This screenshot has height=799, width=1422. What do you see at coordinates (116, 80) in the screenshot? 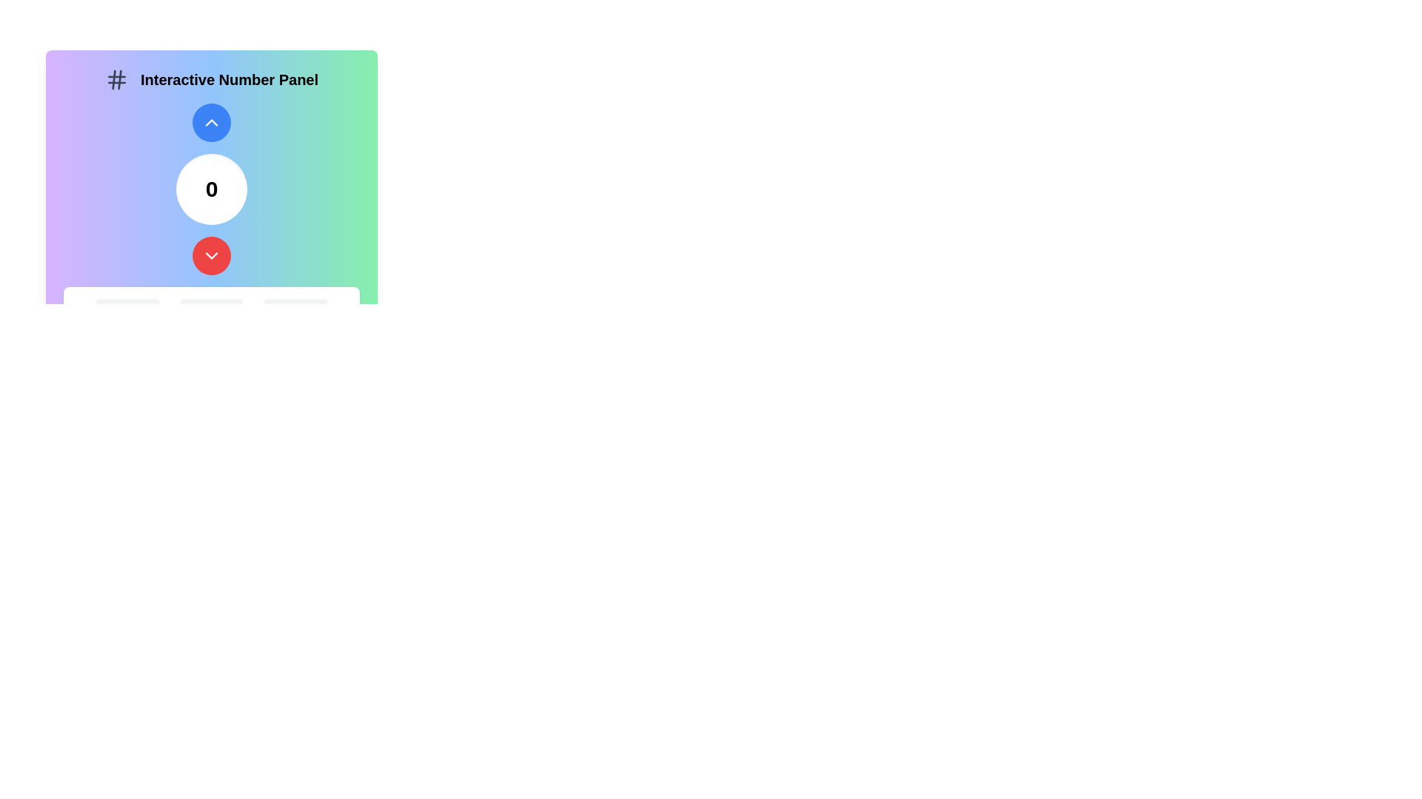
I see `the icon representing the 'Interactive Number Panel', which is located to the immediate left of the text label and aligned horizontally with it` at bounding box center [116, 80].